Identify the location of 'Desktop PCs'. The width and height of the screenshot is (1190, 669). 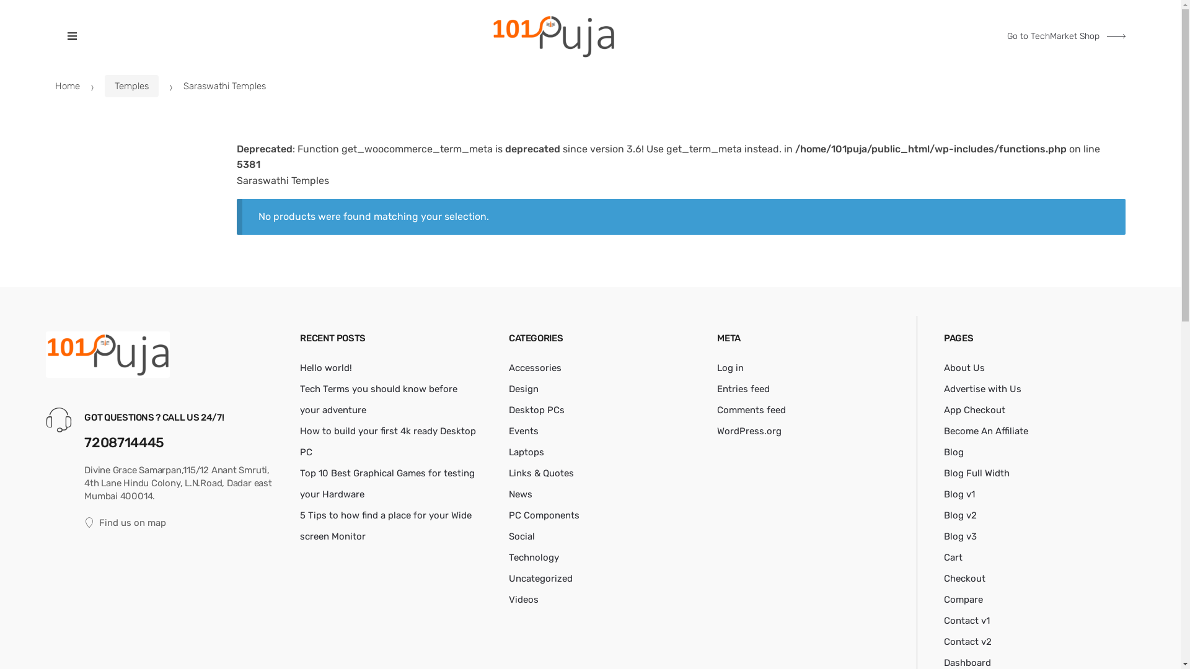
(536, 410).